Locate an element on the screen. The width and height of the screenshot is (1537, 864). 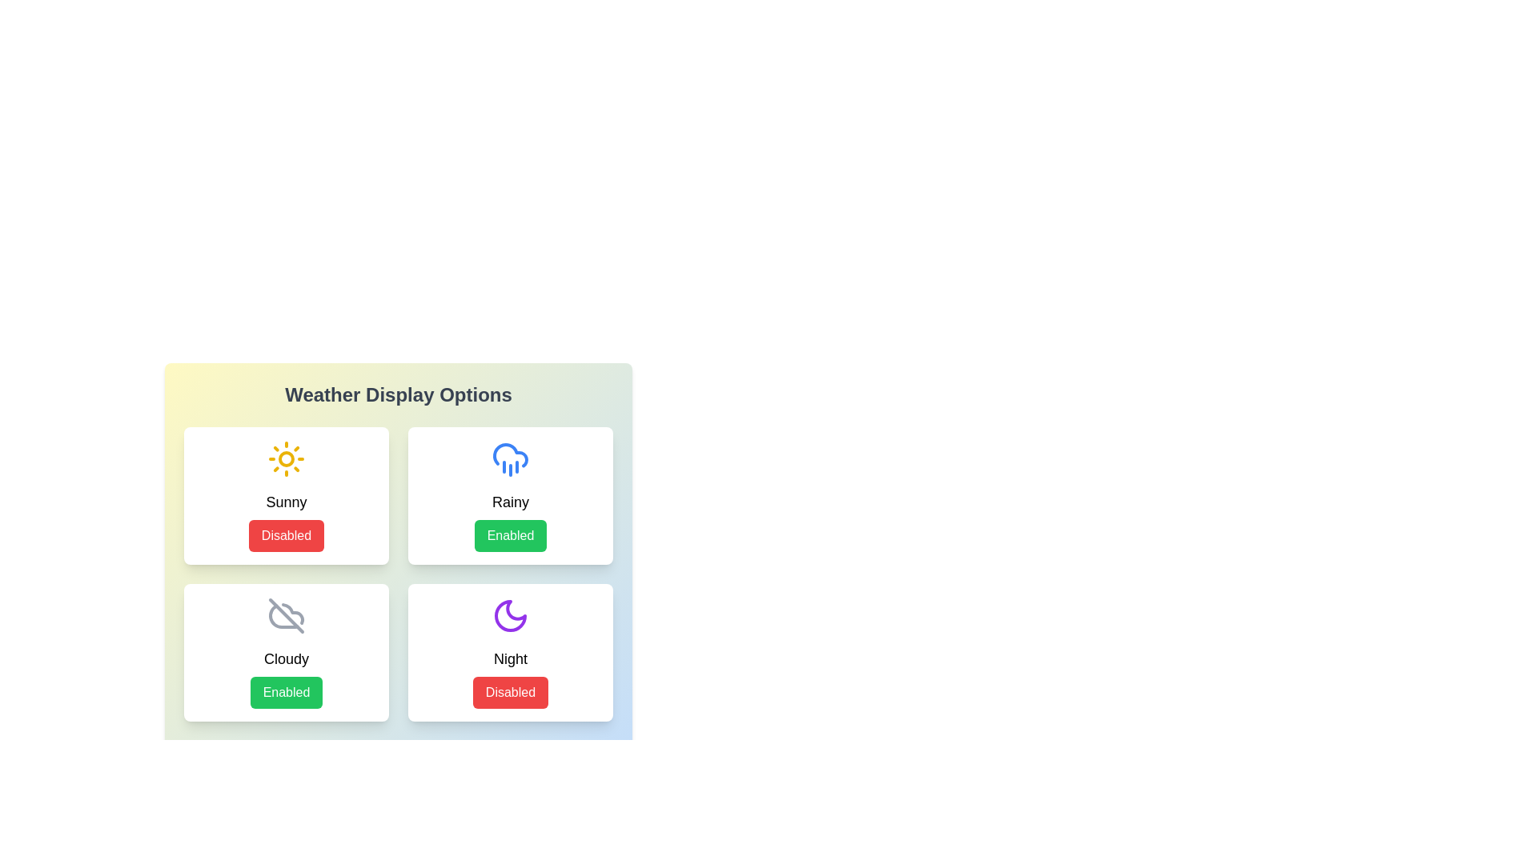
the weather option cloudy is located at coordinates (287, 653).